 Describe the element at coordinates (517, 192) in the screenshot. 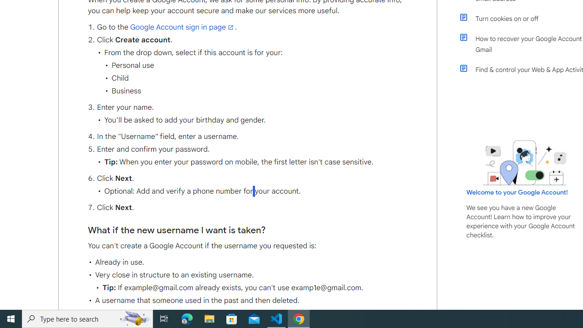

I see `'Welcome to your Google Account!'` at that location.